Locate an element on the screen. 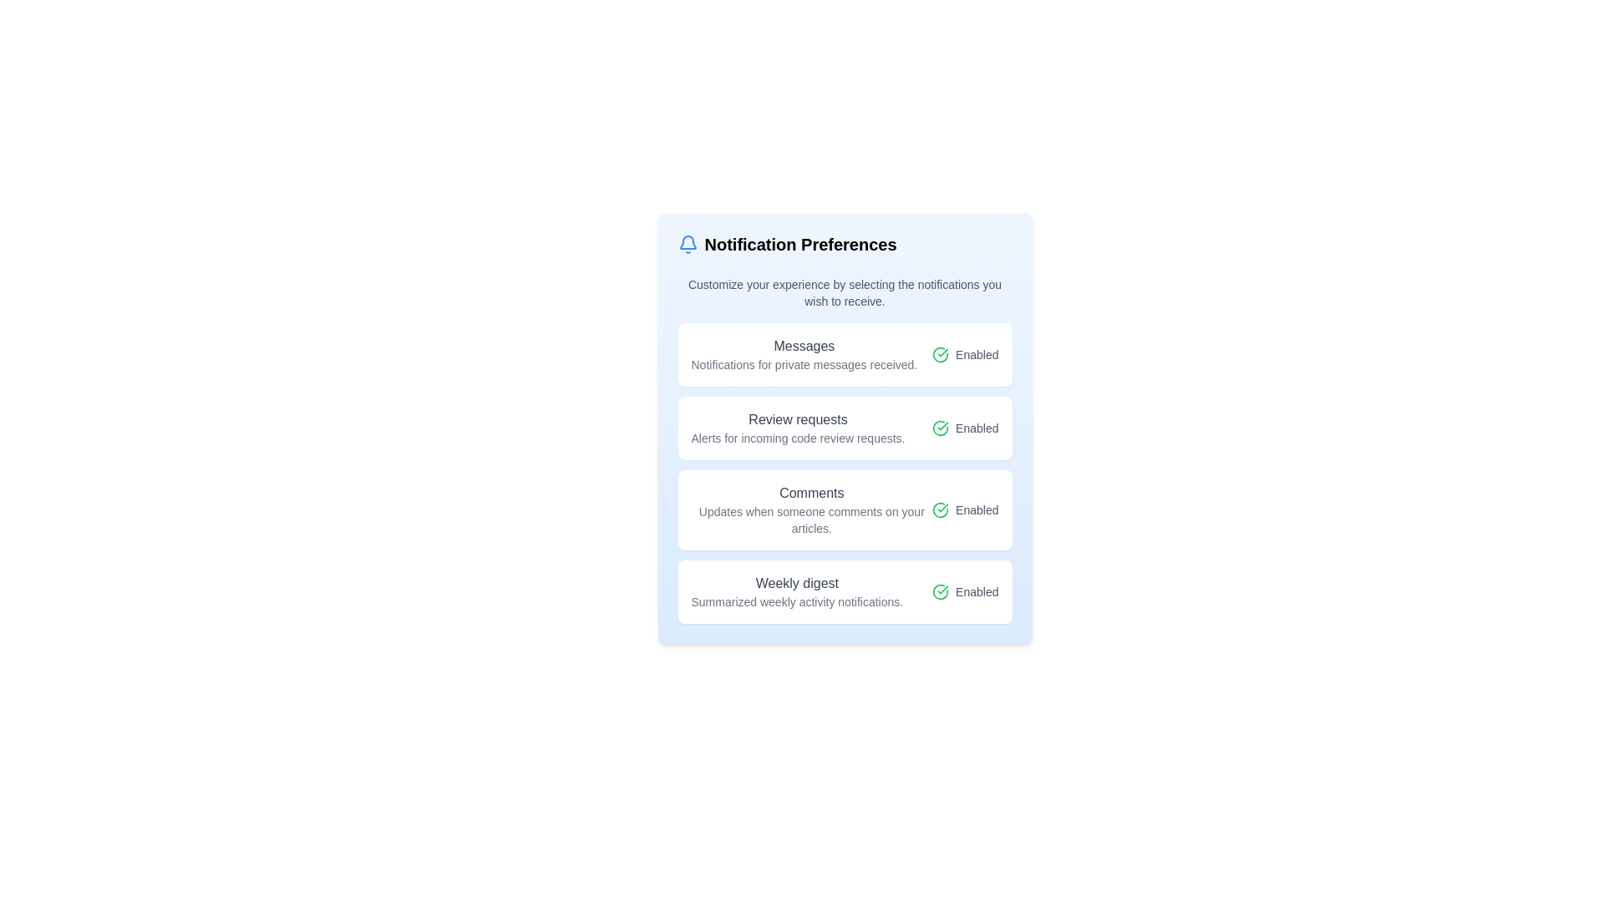 The width and height of the screenshot is (1604, 902). the circular icon with a checkmark inside, styled with a green stroke color, located to the left of the 'Enabled' label in the notification preference list is located at coordinates (941, 353).